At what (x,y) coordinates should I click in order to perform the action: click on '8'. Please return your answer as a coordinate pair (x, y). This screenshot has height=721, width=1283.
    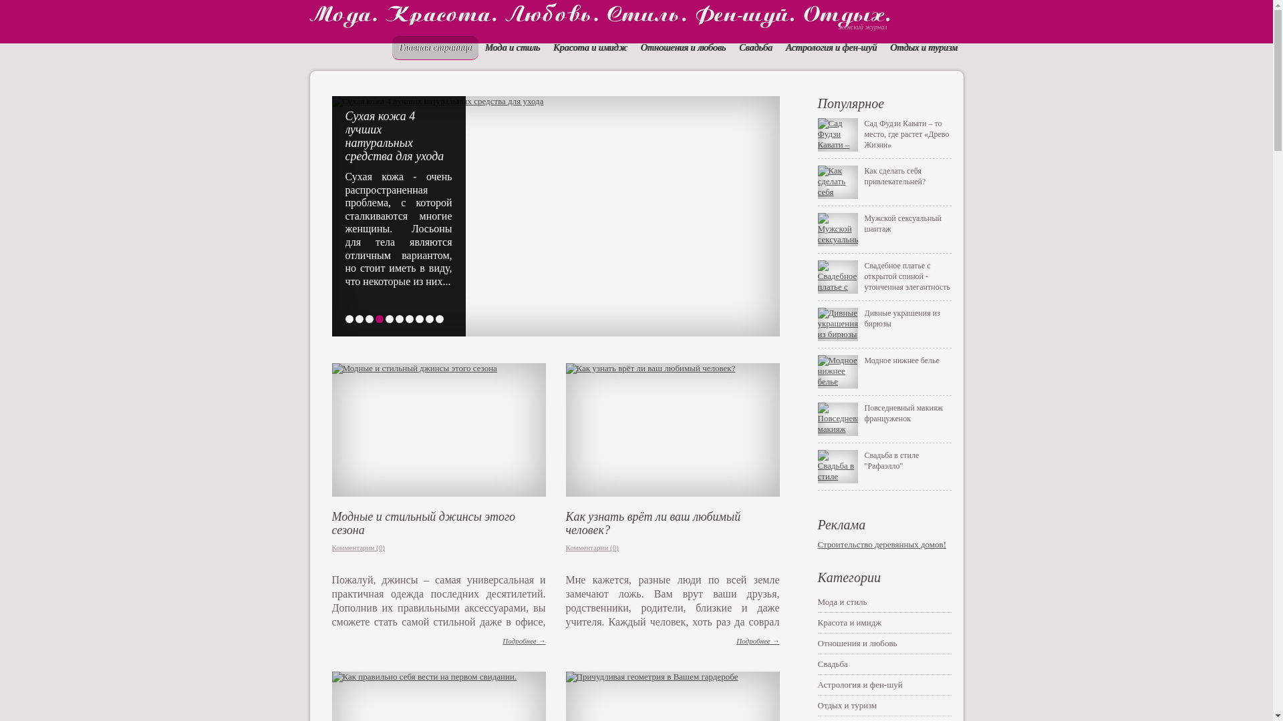
    Looking at the image, I should click on (415, 319).